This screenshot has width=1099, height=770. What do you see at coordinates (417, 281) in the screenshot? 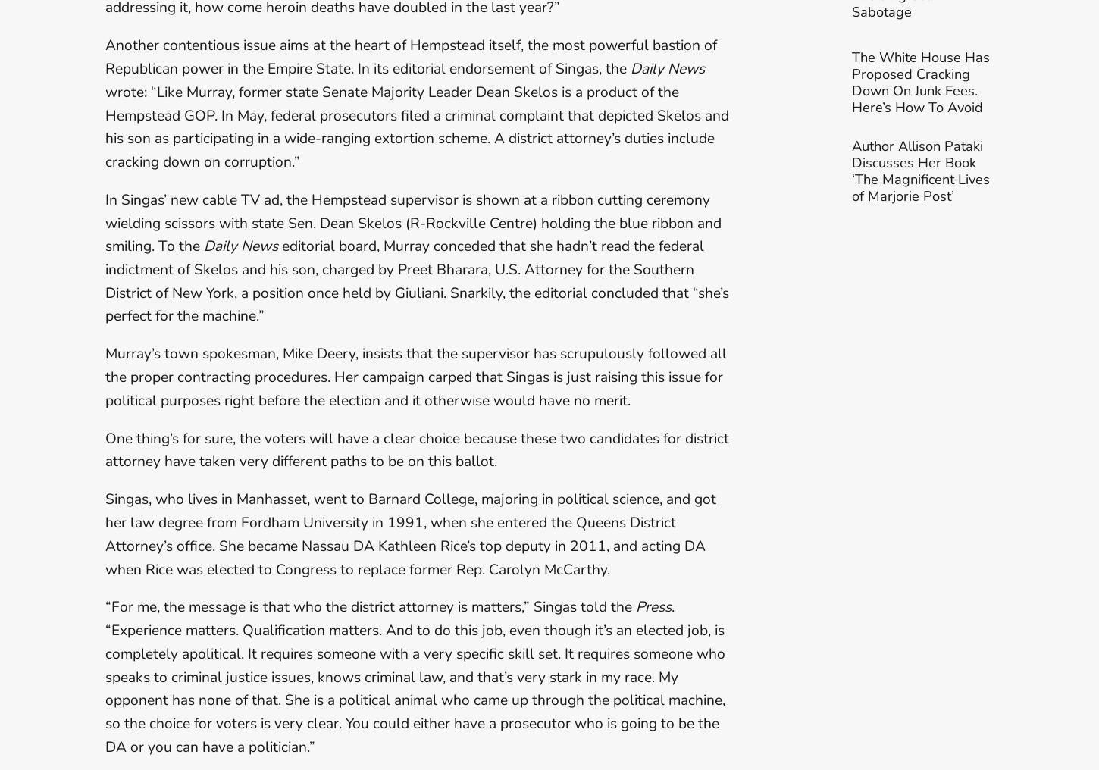
I see `'editorial board, Murray conceded that she hadn’t read the federal indictment of Skelos and his son, charged by Preet Bharara, U.S. Attorney for the Southern District of New York, a position once held by Giuliani. Snarkily, the editorial concluded that “she’s perfect for the machine.”'` at bounding box center [417, 281].